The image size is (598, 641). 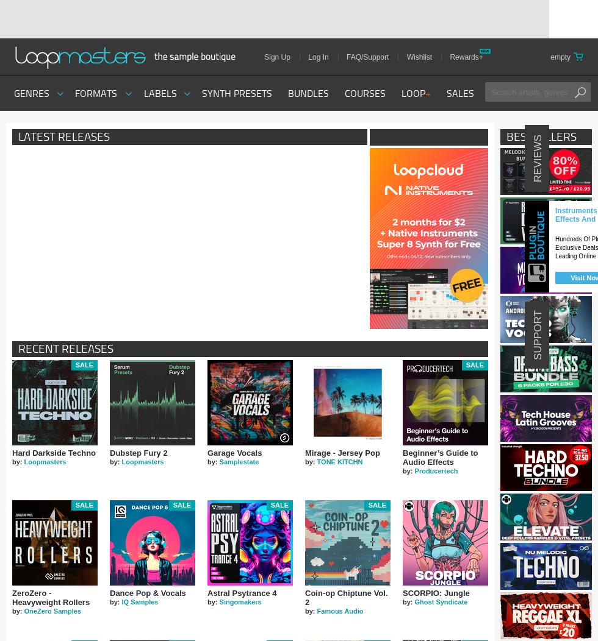 What do you see at coordinates (308, 93) in the screenshot?
I see `'Bundles'` at bounding box center [308, 93].